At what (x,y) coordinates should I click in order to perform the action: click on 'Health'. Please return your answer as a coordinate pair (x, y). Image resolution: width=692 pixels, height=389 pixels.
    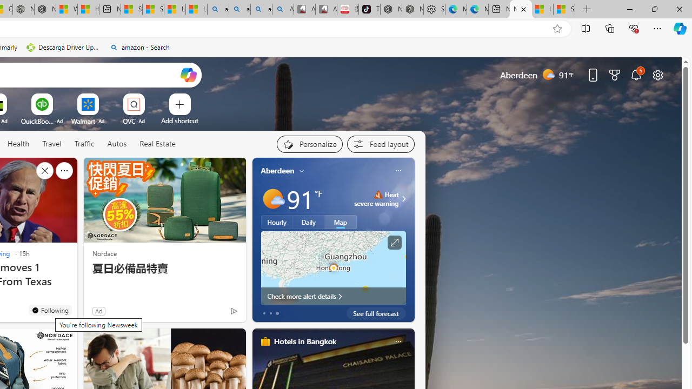
    Looking at the image, I should click on (18, 143).